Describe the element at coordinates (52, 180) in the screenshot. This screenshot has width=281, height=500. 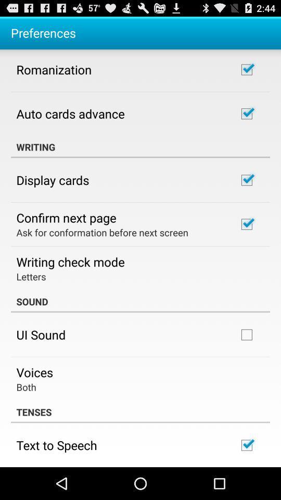
I see `the app below the writing icon` at that location.